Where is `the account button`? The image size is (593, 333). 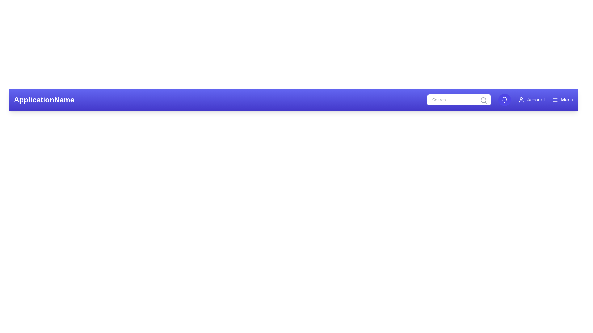 the account button is located at coordinates (531, 100).